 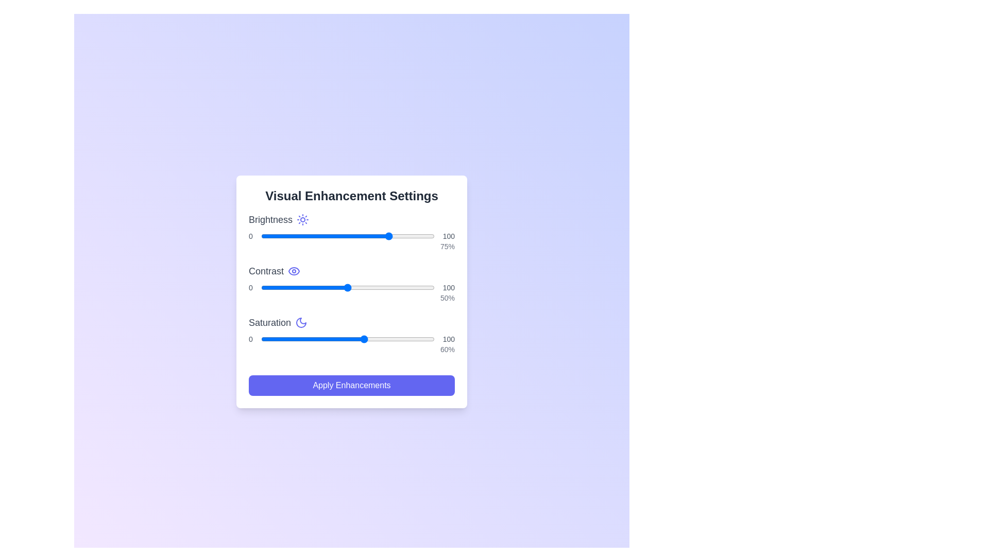 What do you see at coordinates (305, 288) in the screenshot?
I see `the contrast slider to set the contrast to 26%` at bounding box center [305, 288].